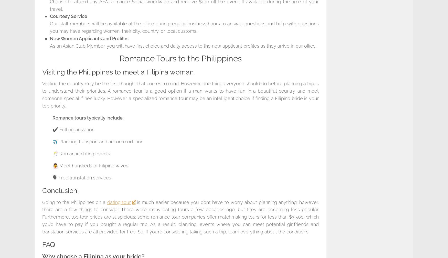 The height and width of the screenshot is (258, 448). Describe the element at coordinates (180, 94) in the screenshot. I see `'Visiting the country may be the first thought that comes to mind. However, one thing everyone should do before planning a trip is to understand their priorities. A romance tour is a good option if a man wants to have fun in a beautiful country and meet someone special if he’s lucky. However, a specialized romance tour may be an intelligent choice if finding a Filipino bride is your top priority.'` at that location.